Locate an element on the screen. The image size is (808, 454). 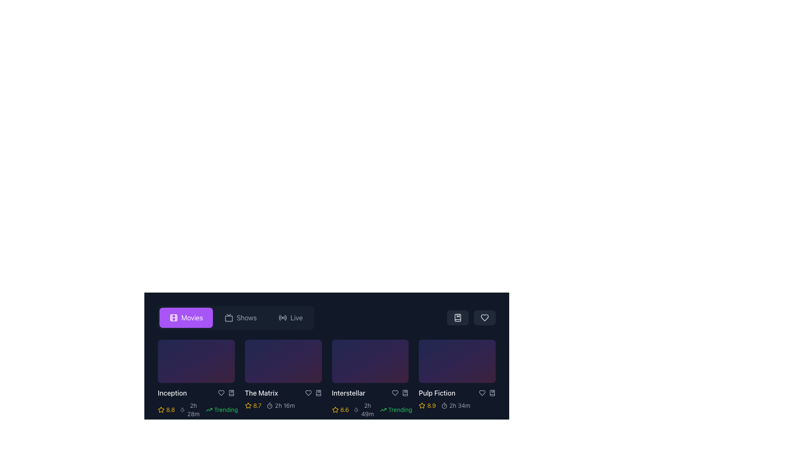
the movie entry displaying the title 'Inception' with its rating '8.8' and duration '2h 28m', located in the first row of the movie section is located at coordinates (196, 402).